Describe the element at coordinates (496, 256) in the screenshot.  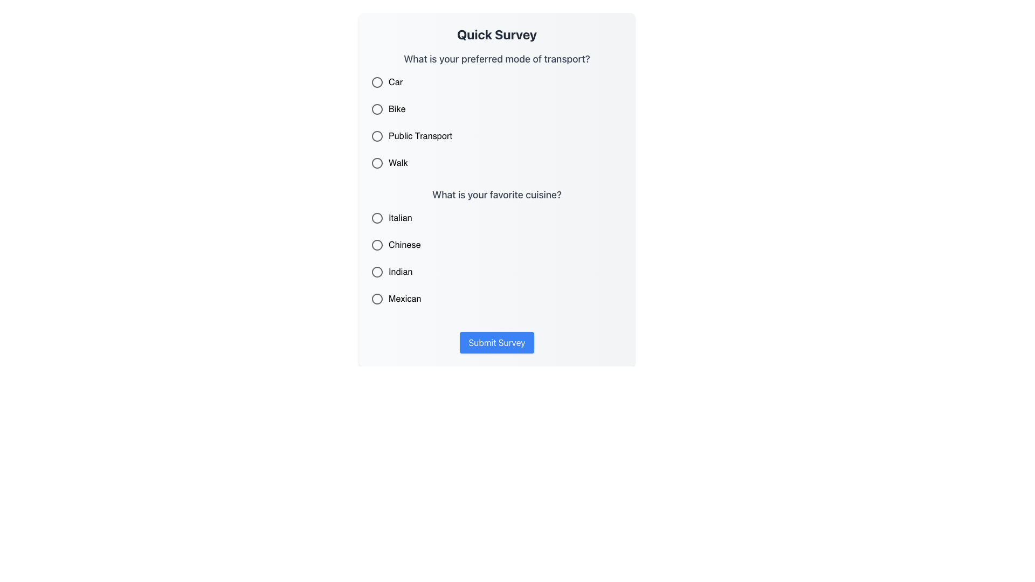
I see `the radio button for selecting a cuisine option from the group located below the question 'What is your favorite cuisine?'` at that location.